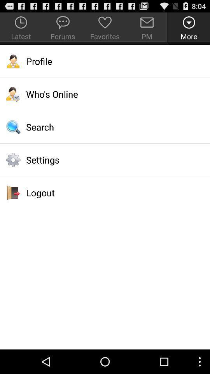 The width and height of the screenshot is (210, 374). What do you see at coordinates (105, 159) in the screenshot?
I see `the item above the   logout icon` at bounding box center [105, 159].